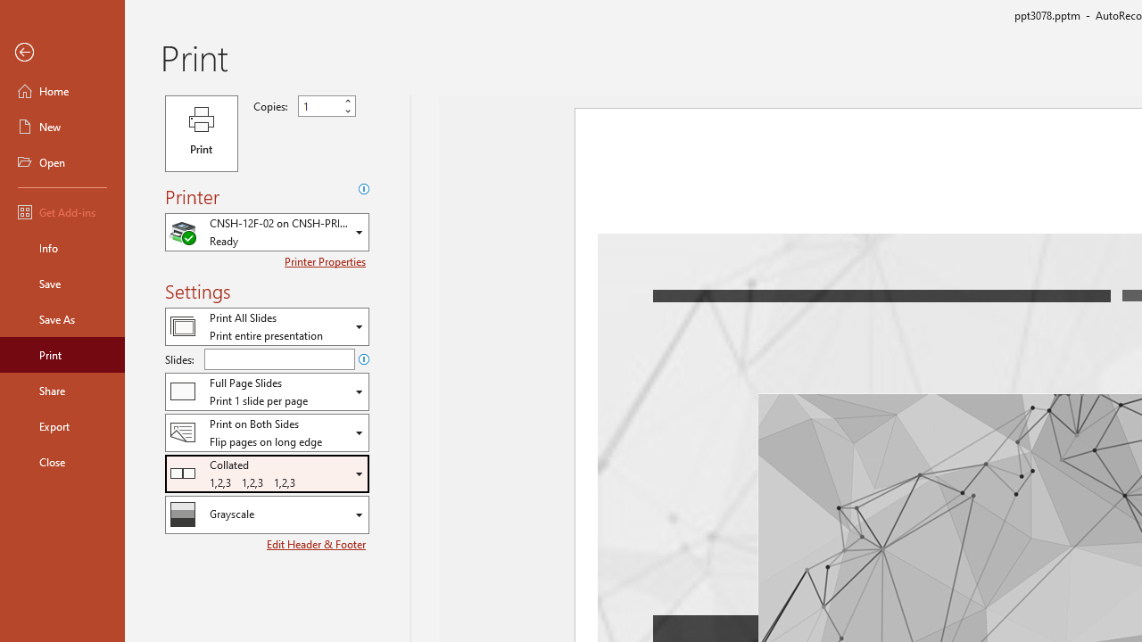 The width and height of the screenshot is (1142, 642). Describe the element at coordinates (266, 473) in the screenshot. I see `'Collation'` at that location.